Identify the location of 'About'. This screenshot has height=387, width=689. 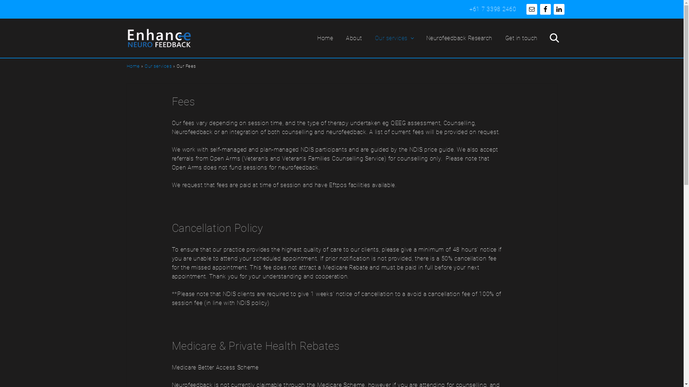
(354, 38).